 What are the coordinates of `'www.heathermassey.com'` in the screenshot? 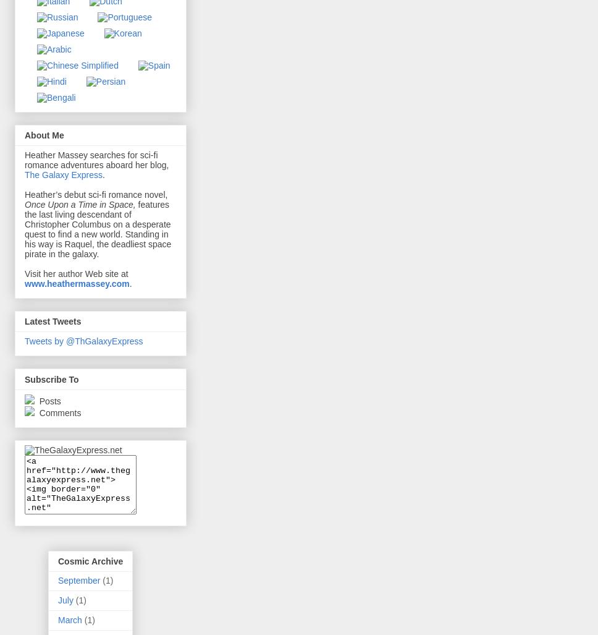 It's located at (76, 283).